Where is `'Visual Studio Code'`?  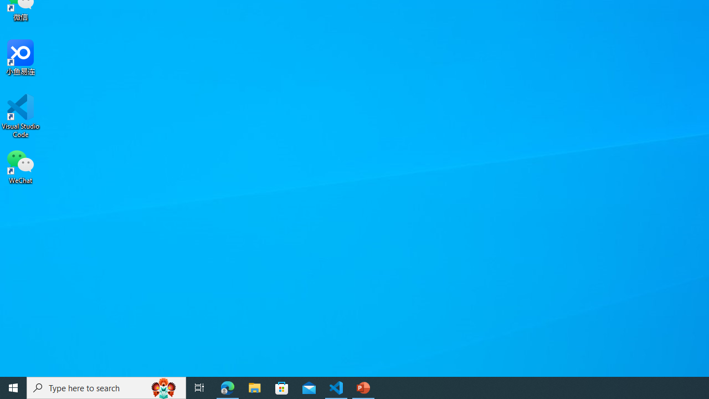 'Visual Studio Code' is located at coordinates (20, 116).